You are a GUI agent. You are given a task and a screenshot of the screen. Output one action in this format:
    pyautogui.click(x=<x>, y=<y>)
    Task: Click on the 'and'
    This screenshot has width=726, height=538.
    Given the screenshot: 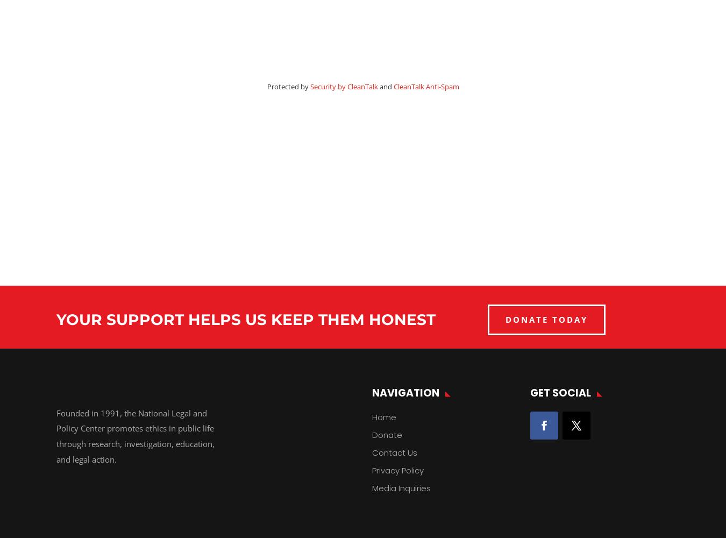 What is the action you would take?
    pyautogui.click(x=377, y=87)
    